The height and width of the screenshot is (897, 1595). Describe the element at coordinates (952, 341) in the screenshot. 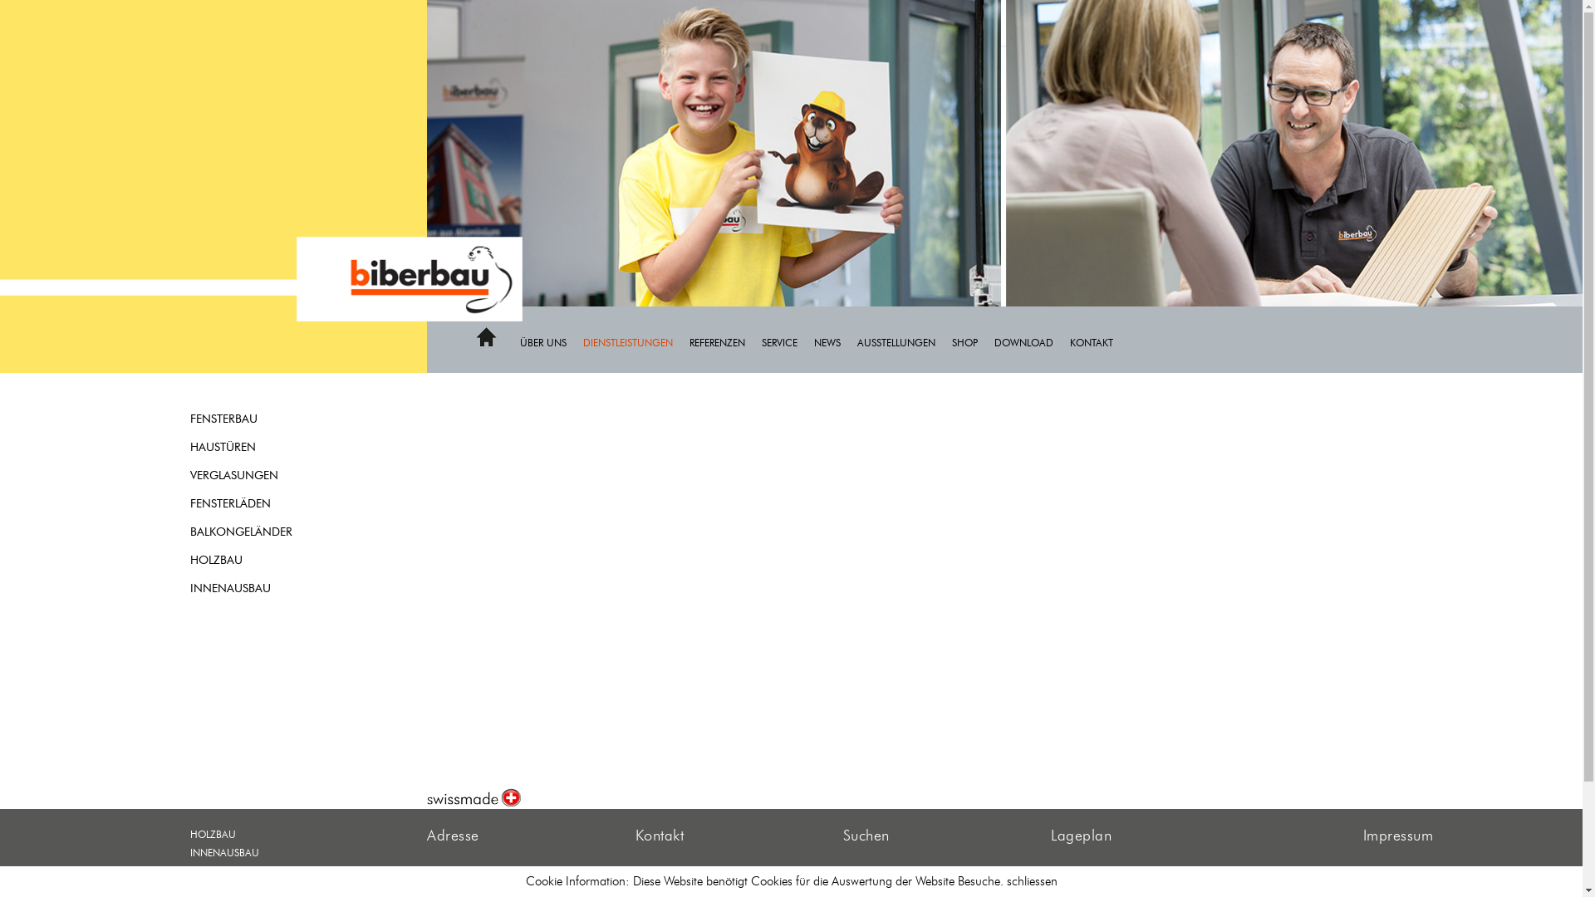

I see `'SHOP'` at that location.